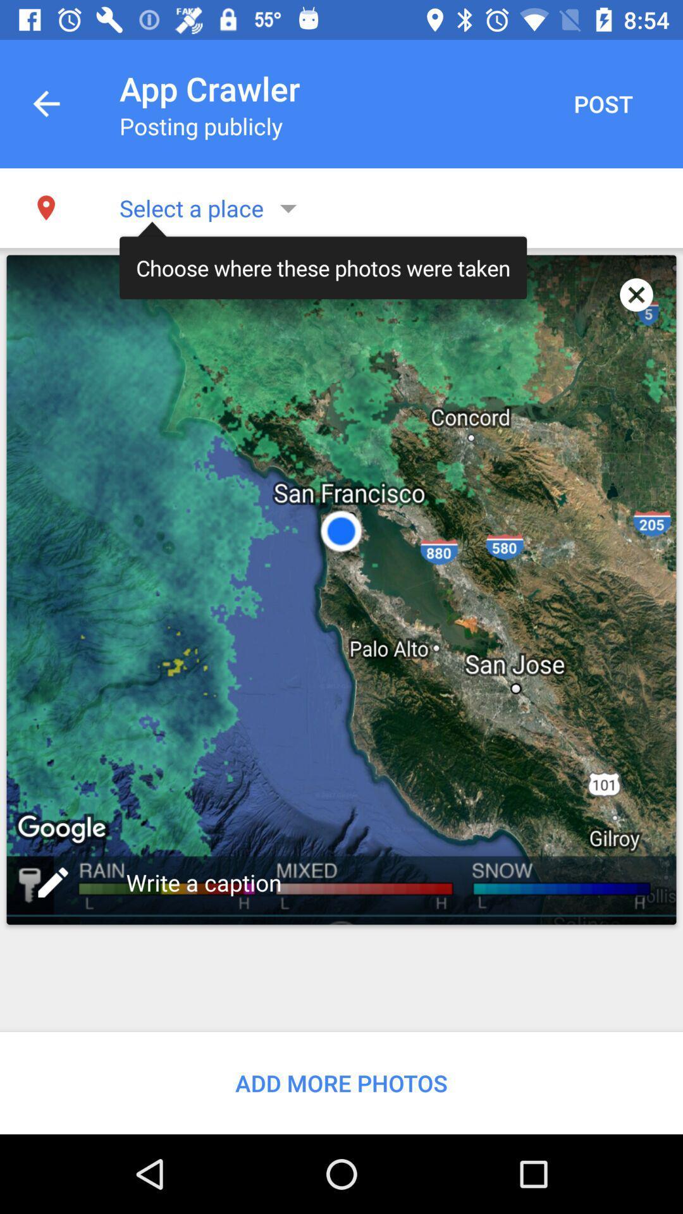 The width and height of the screenshot is (683, 1214). I want to click on add more photos, so click(341, 1082).